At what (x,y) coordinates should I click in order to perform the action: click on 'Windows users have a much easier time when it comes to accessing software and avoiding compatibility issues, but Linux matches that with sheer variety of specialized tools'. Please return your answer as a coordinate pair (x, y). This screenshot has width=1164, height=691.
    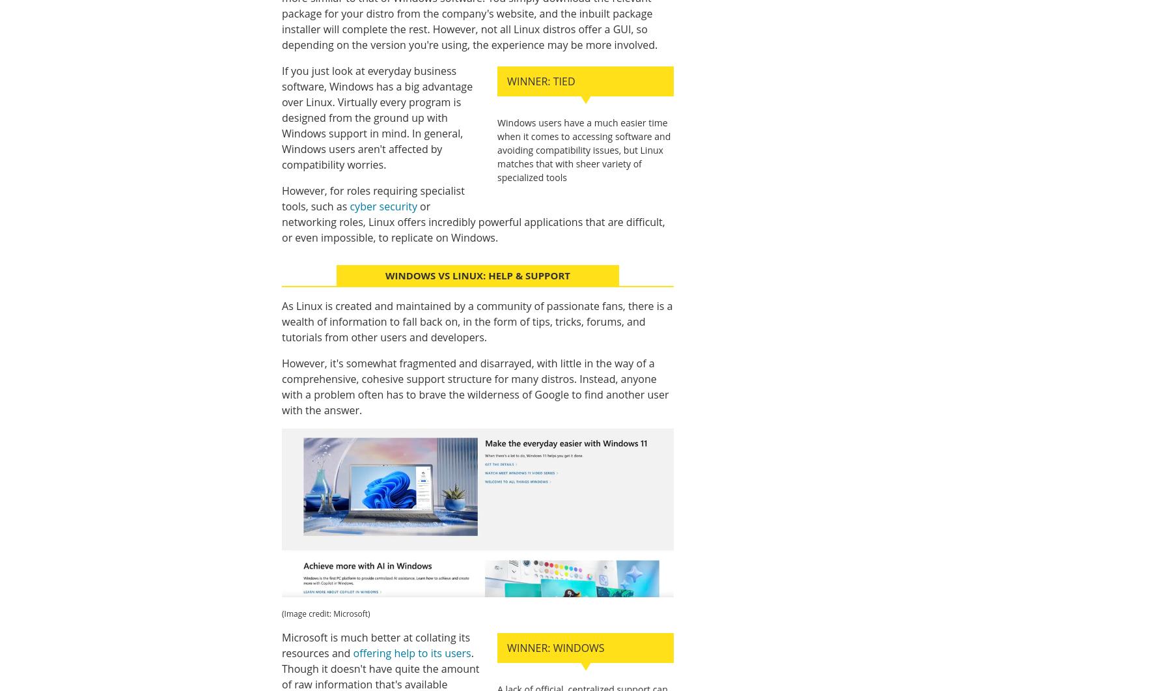
    Looking at the image, I should click on (584, 149).